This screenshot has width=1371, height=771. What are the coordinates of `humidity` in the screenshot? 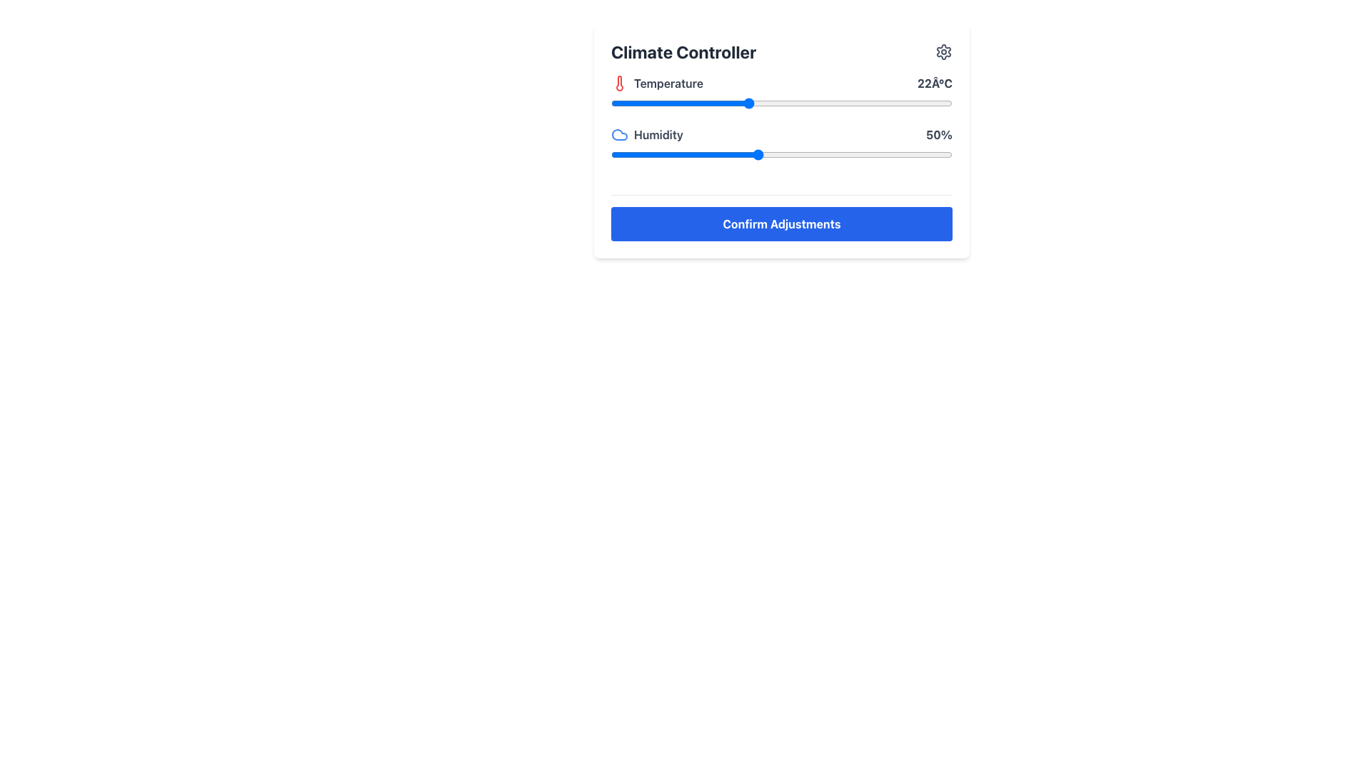 It's located at (668, 154).